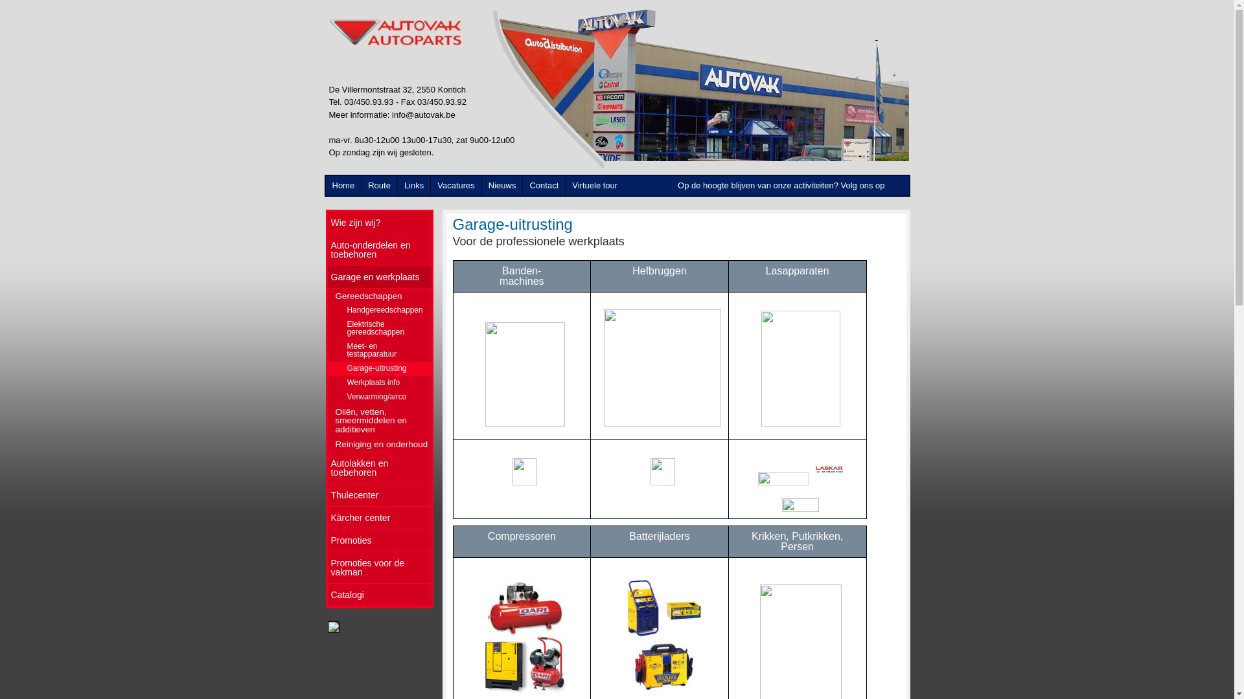 The height and width of the screenshot is (699, 1244). Describe the element at coordinates (327, 567) in the screenshot. I see `'Promoties voor de vakman'` at that location.